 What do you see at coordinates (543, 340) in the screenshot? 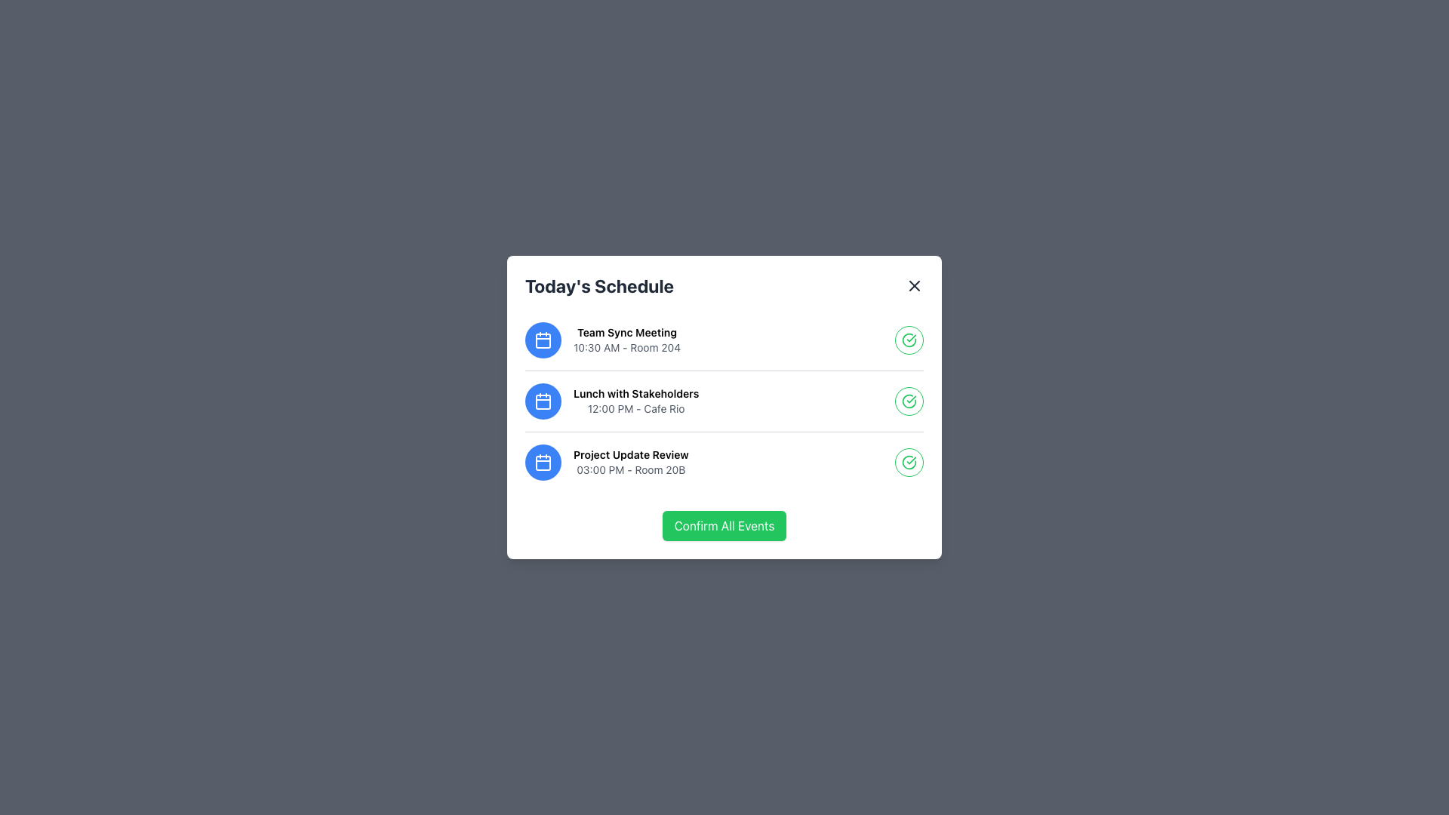
I see `the blue circular icon button with a white calendar icon, located to the left of 'Team Sync Meeting' in the schedule modal` at bounding box center [543, 340].